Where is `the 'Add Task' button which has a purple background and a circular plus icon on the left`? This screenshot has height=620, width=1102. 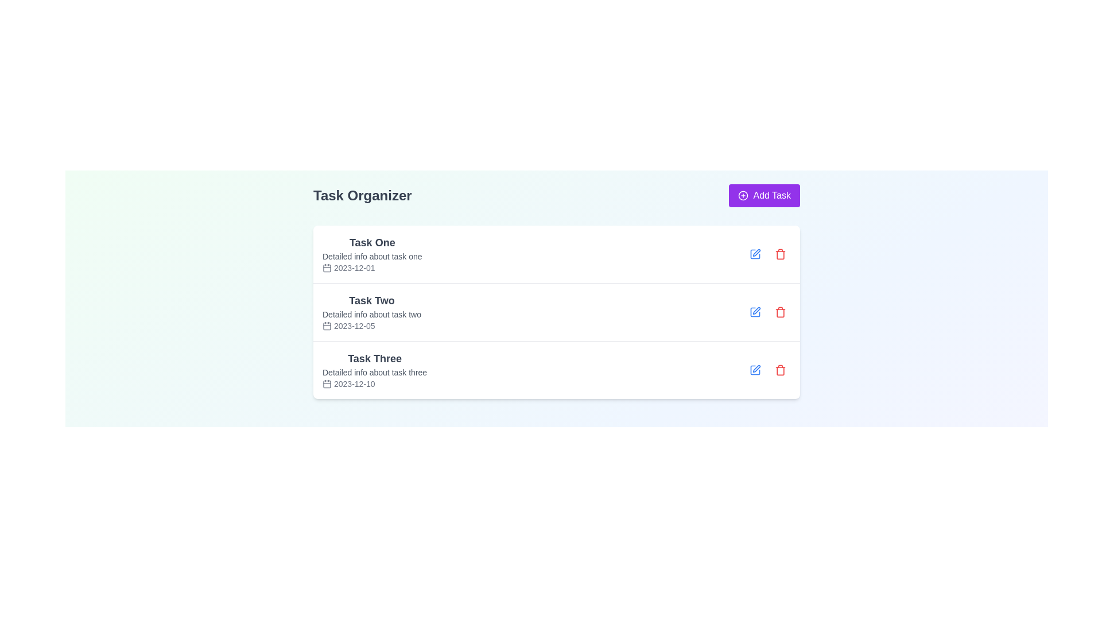
the 'Add Task' button which has a purple background and a circular plus icon on the left is located at coordinates (765, 195).